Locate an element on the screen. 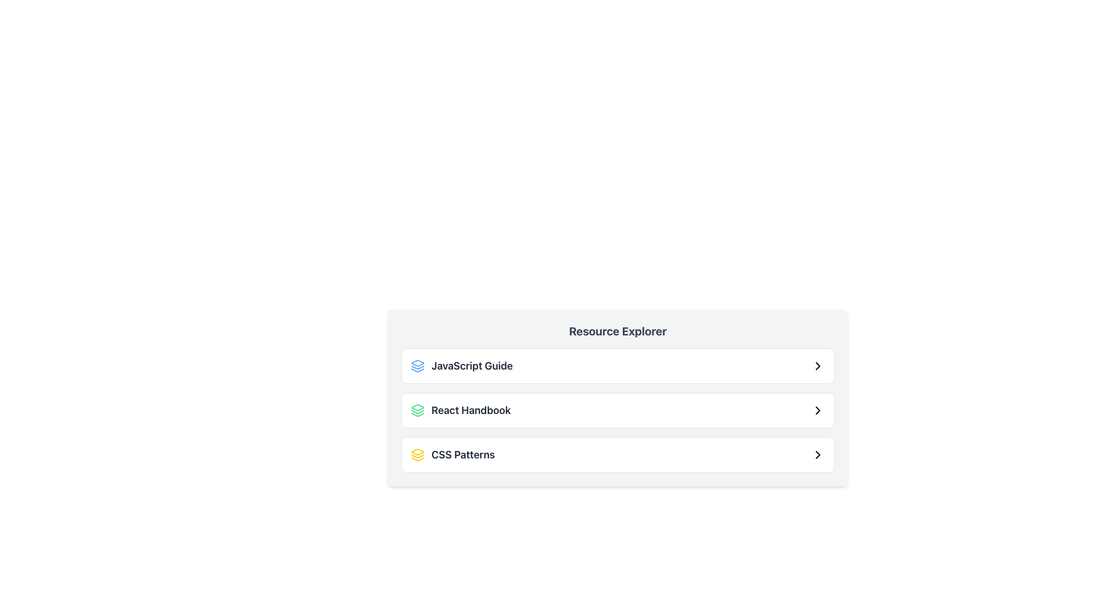 The width and height of the screenshot is (1093, 615). the blue rectangular icon with slanted edges, which is the third and bottom layer in a stack of three layers, positioned in the middle of the stack is located at coordinates (417, 370).